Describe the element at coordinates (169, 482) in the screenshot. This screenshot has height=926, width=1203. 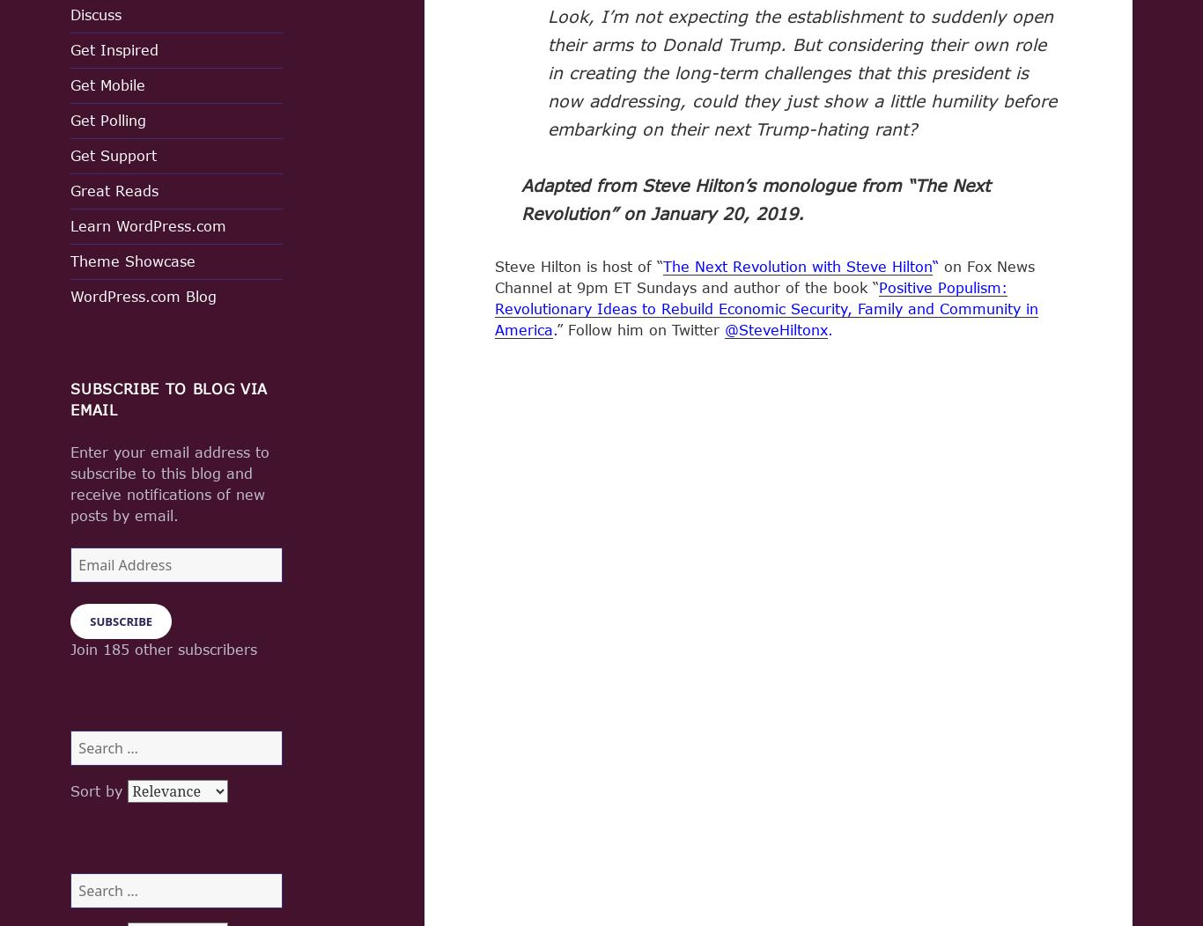
I see `'Enter your email address to subscribe to this blog and receive notifications of new posts by email.'` at that location.